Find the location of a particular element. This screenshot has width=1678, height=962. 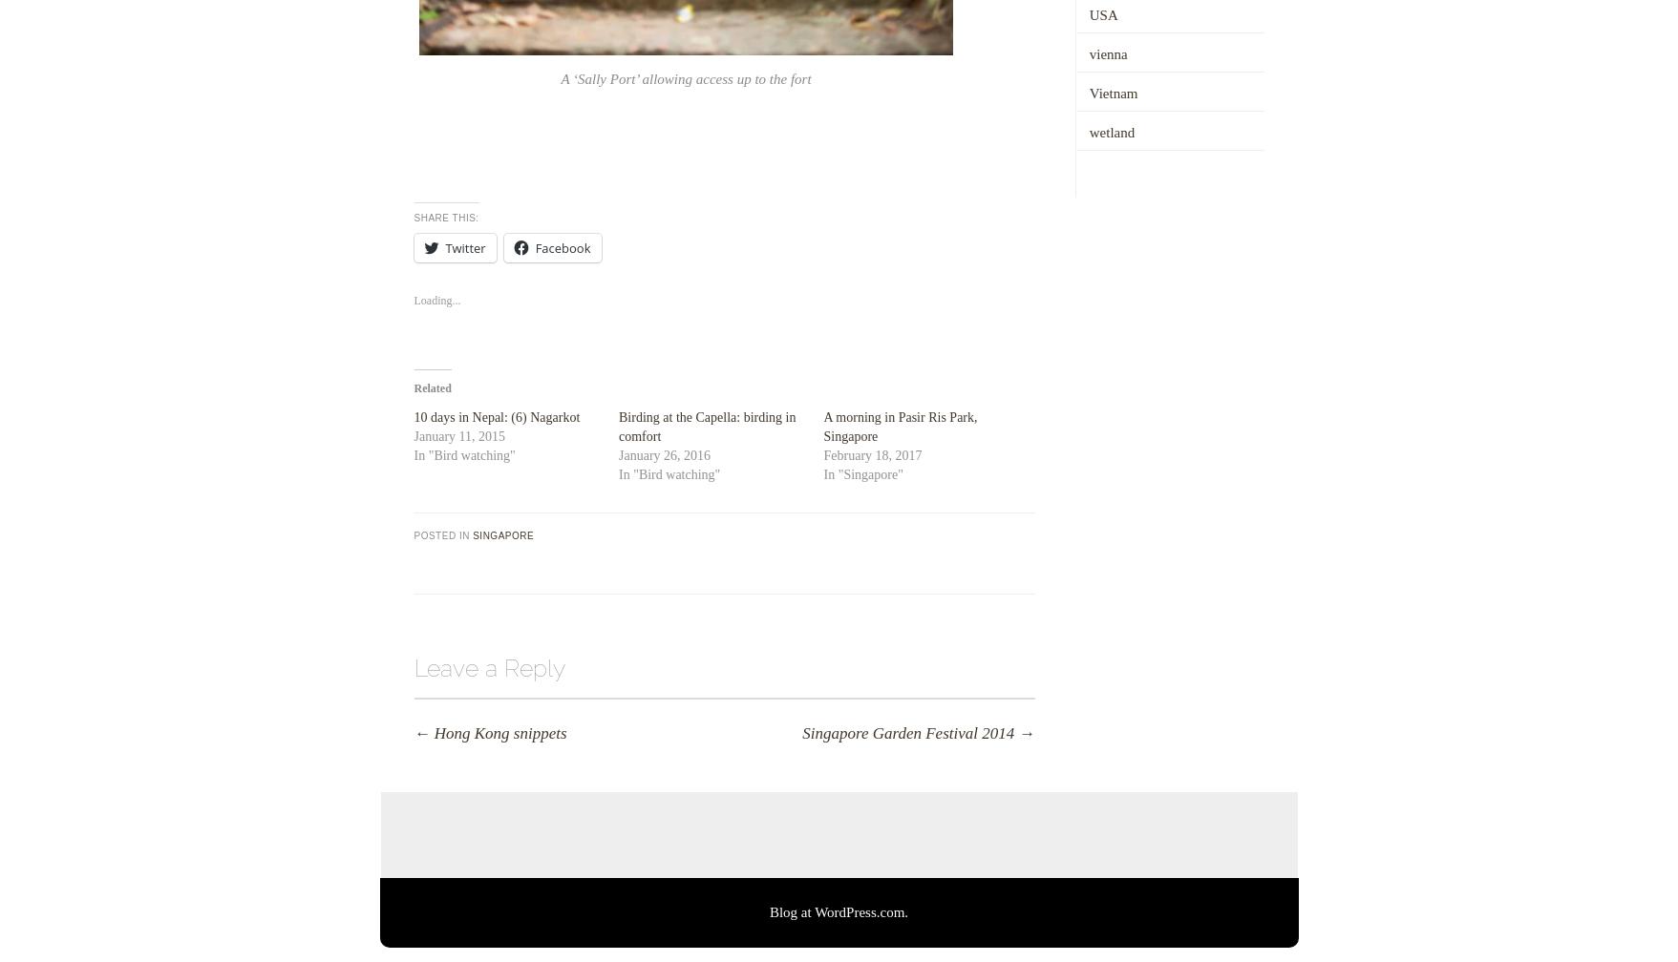

'Blog at WordPress.com.' is located at coordinates (838, 908).